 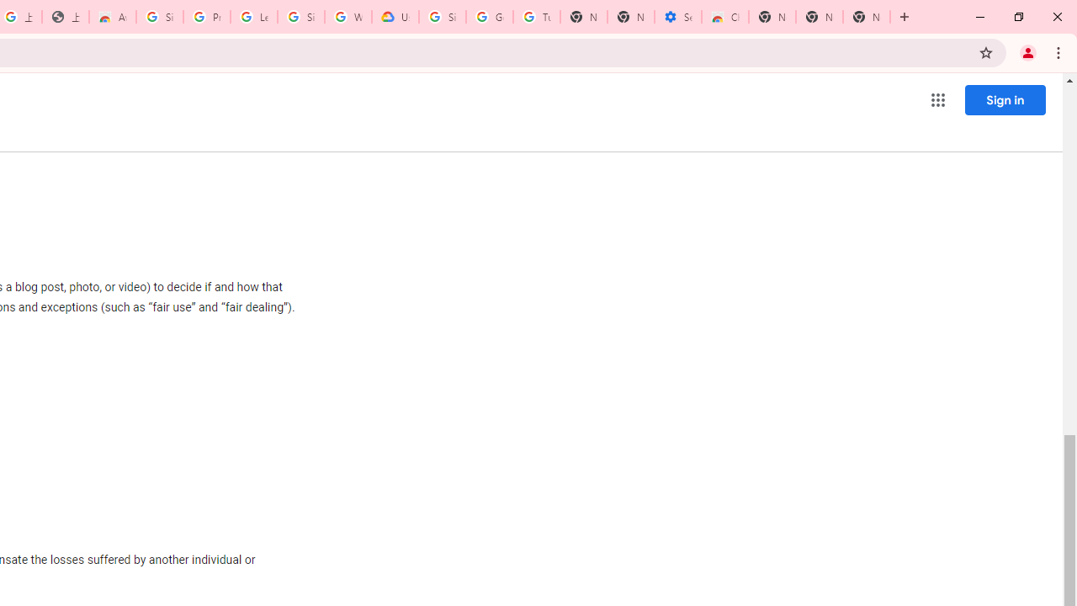 What do you see at coordinates (348, 17) in the screenshot?
I see `'Who are Google'` at bounding box center [348, 17].